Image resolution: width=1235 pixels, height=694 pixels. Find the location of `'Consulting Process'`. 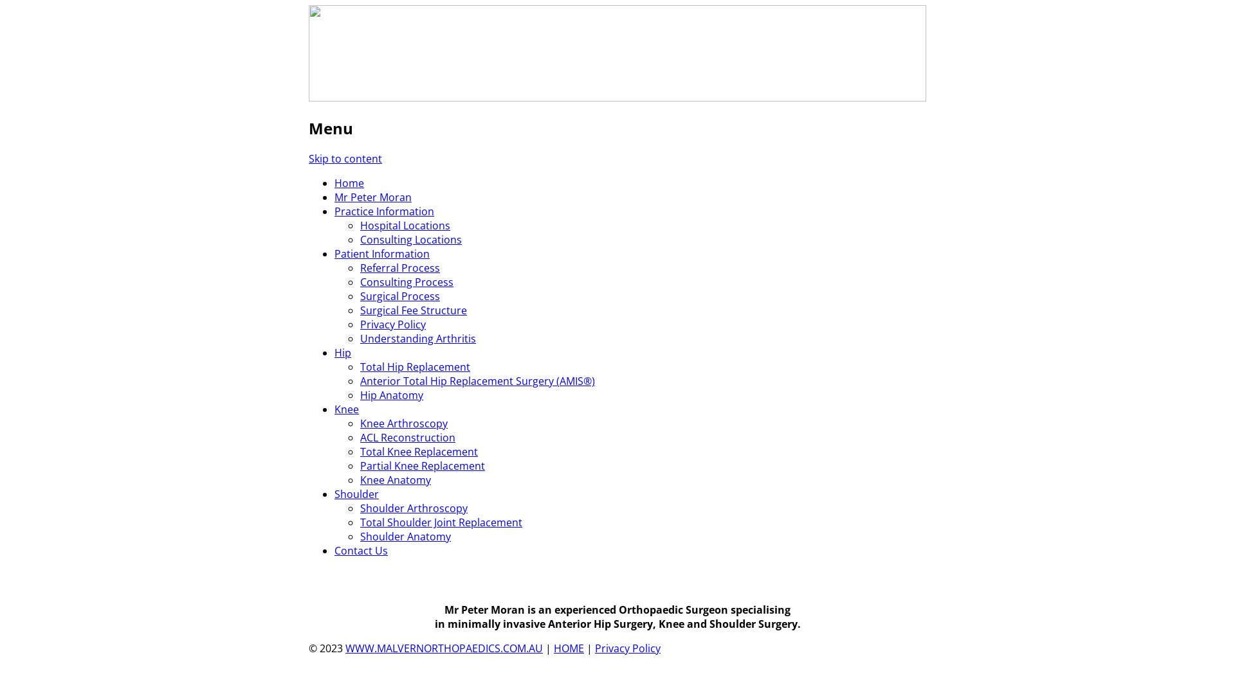

'Consulting Process' is located at coordinates (406, 281).